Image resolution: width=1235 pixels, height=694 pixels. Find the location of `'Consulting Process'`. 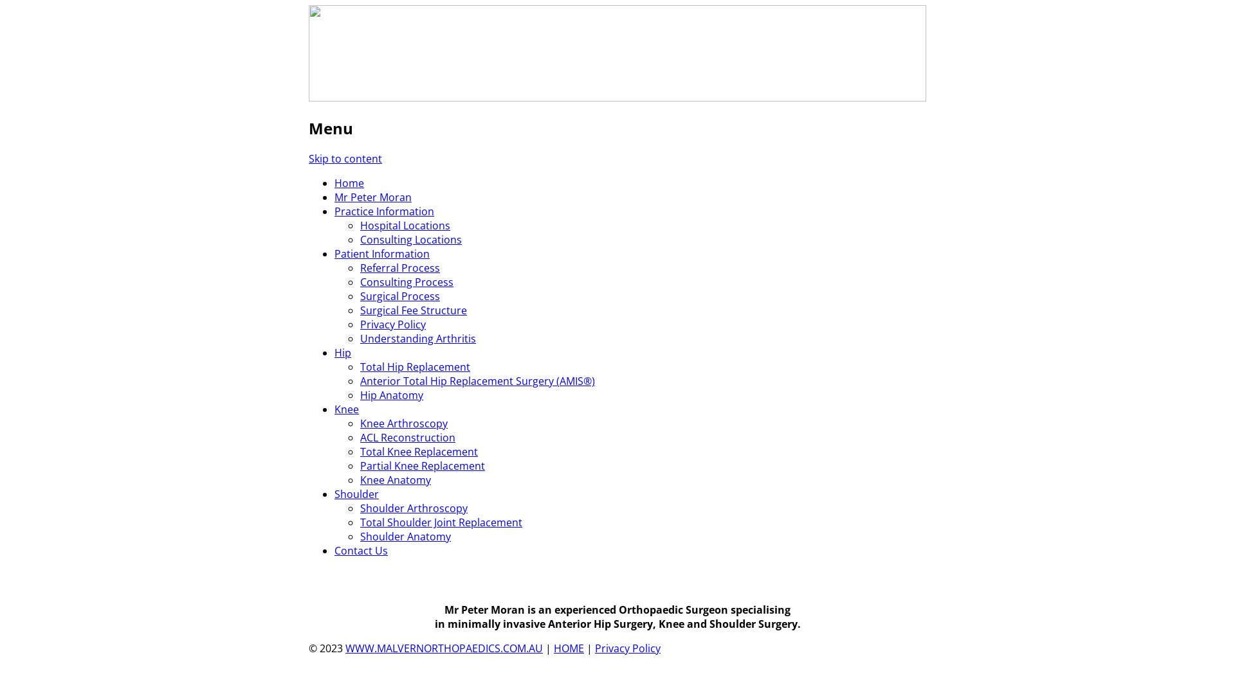

'Consulting Process' is located at coordinates (406, 281).